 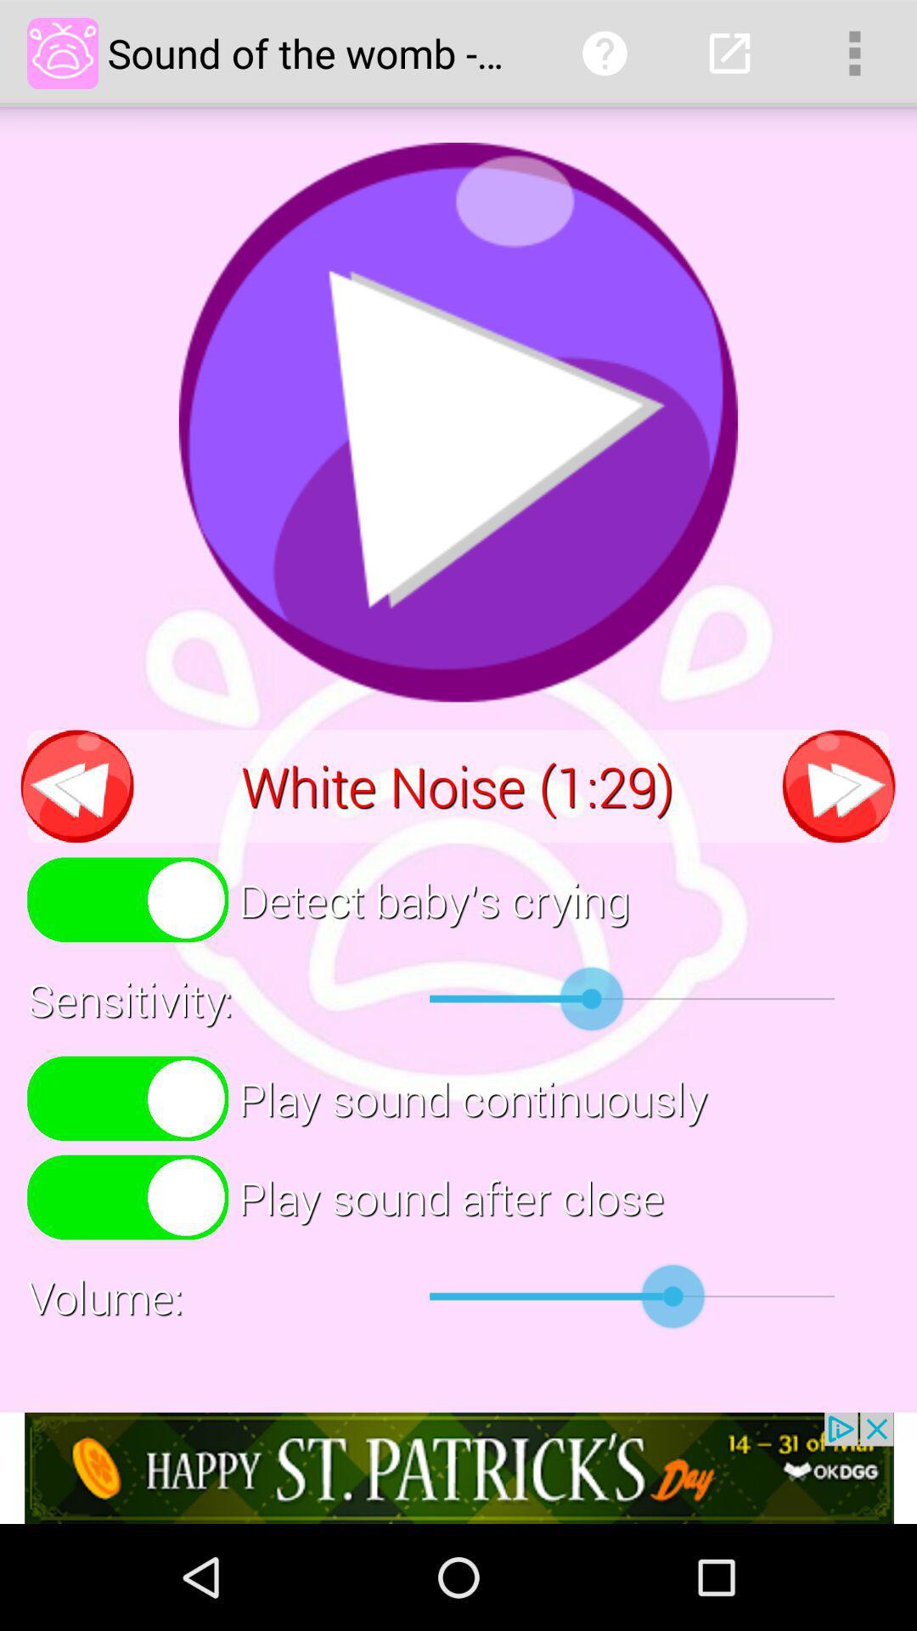 What do you see at coordinates (458, 422) in the screenshot?
I see `press play` at bounding box center [458, 422].